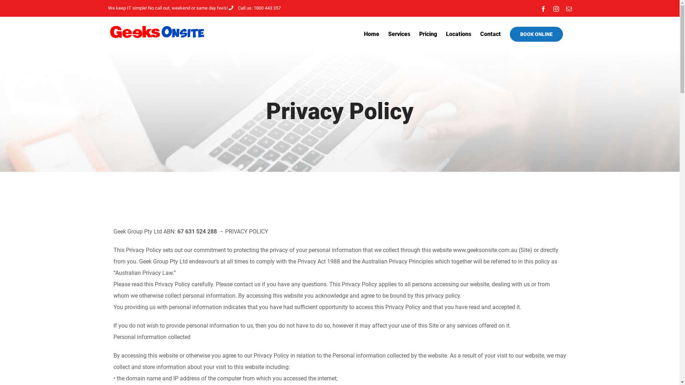 The image size is (685, 385). I want to click on 'BOOK ONLINE', so click(536, 34).